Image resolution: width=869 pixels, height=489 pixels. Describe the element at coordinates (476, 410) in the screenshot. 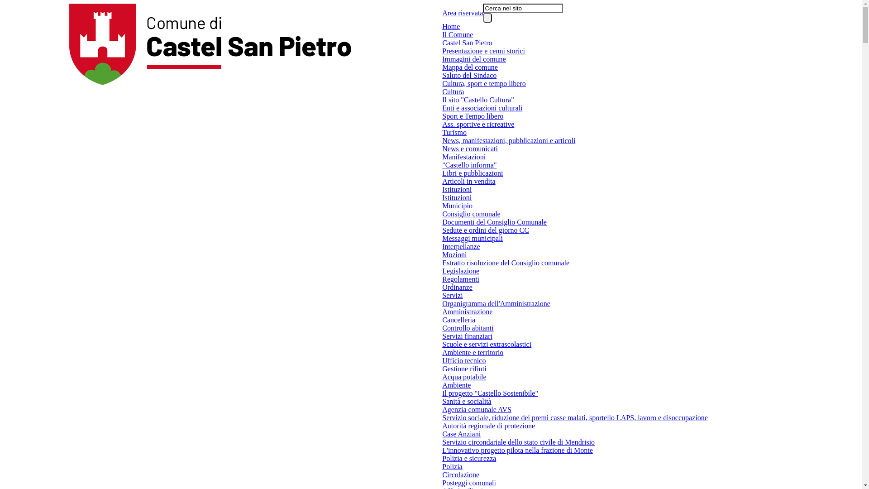

I see `'Agenzia comunale AVS'` at that location.